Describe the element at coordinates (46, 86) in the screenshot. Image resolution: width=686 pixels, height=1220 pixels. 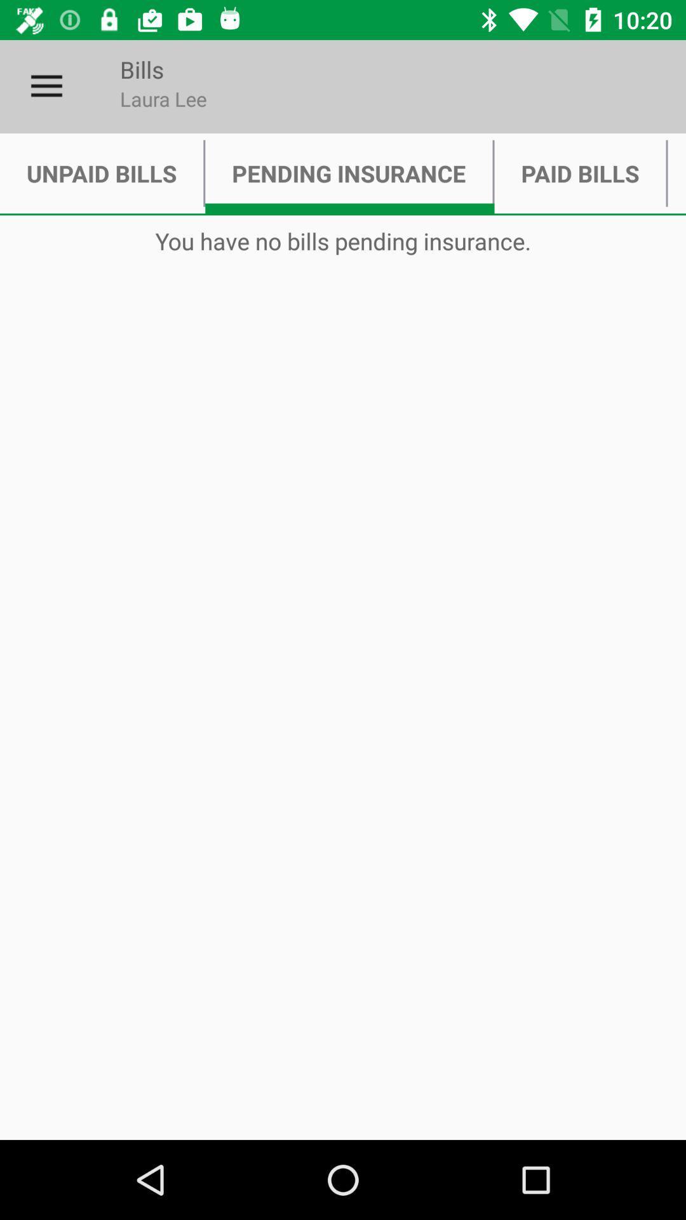
I see `the icon above the unpaid bills` at that location.